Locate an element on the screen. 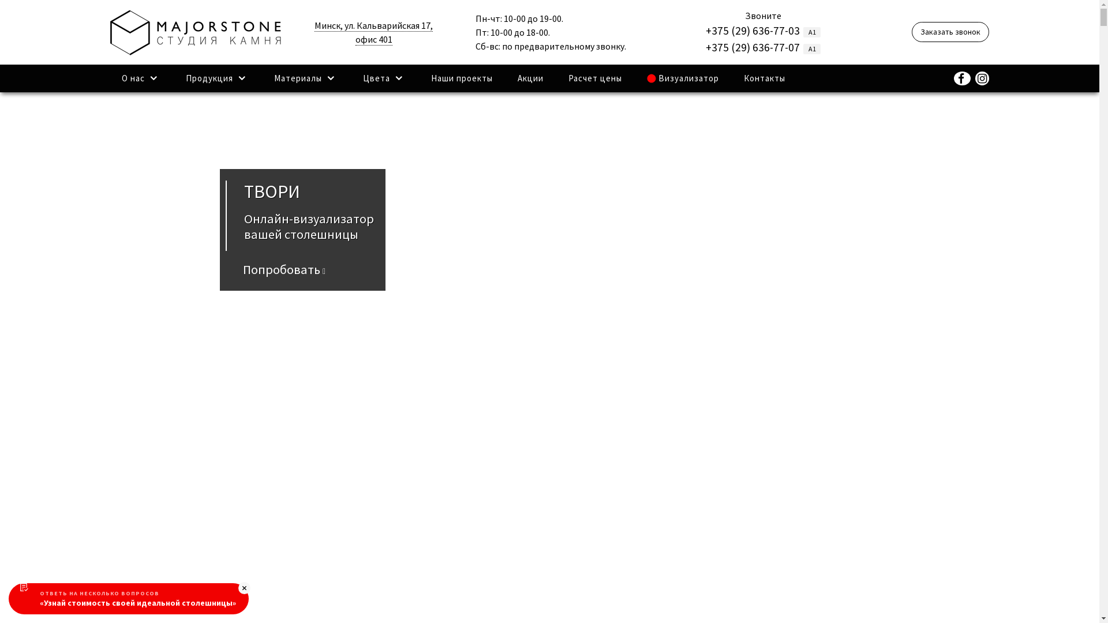 Image resolution: width=1108 pixels, height=623 pixels. '+375 (29) 636-77-07' is located at coordinates (753, 46).